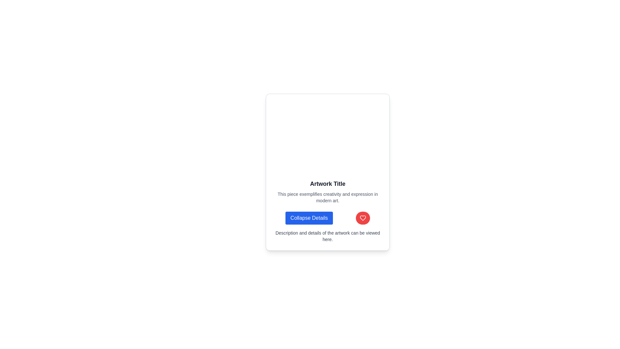 The image size is (620, 349). What do you see at coordinates (363, 218) in the screenshot?
I see `the heart icon button located to the right of the 'Collapse Details' button to like or favorite the item` at bounding box center [363, 218].